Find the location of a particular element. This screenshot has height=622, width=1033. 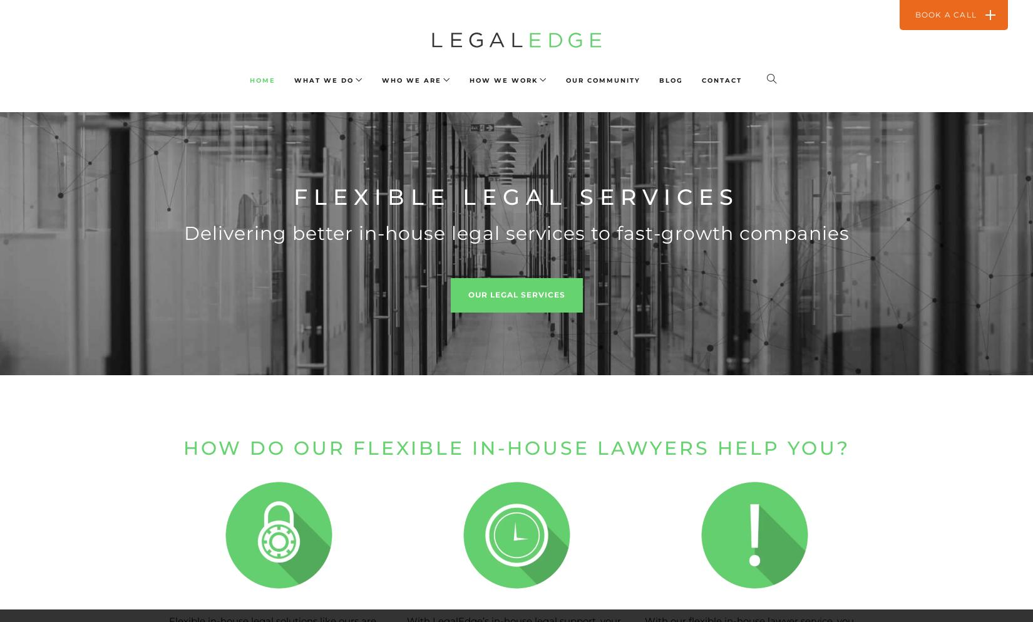

'What do our clients think?' is located at coordinates (516, 589).